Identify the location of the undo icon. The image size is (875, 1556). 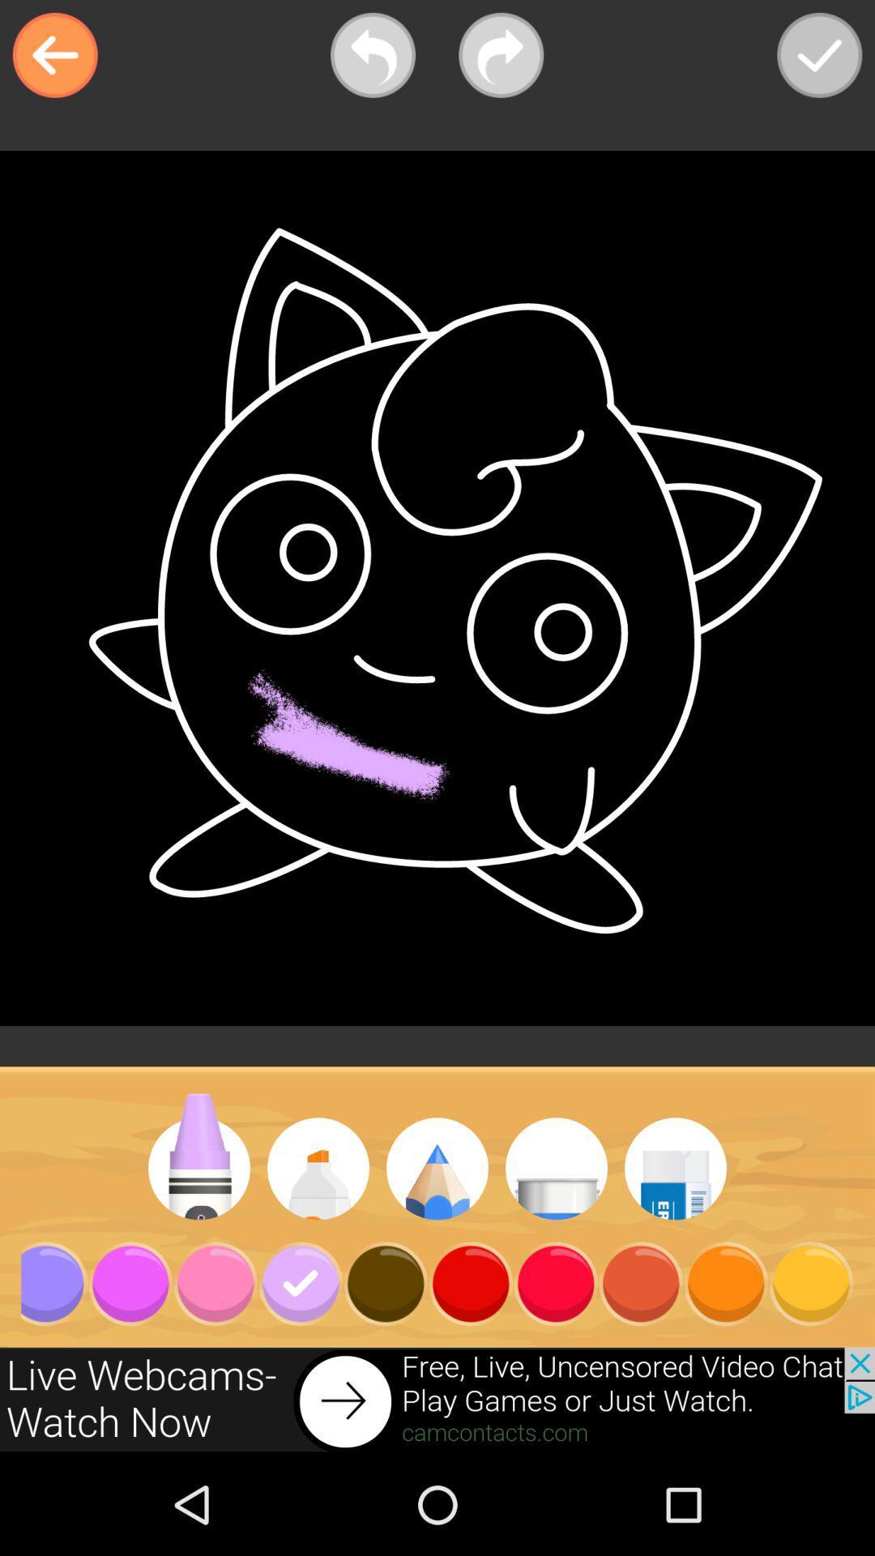
(373, 55).